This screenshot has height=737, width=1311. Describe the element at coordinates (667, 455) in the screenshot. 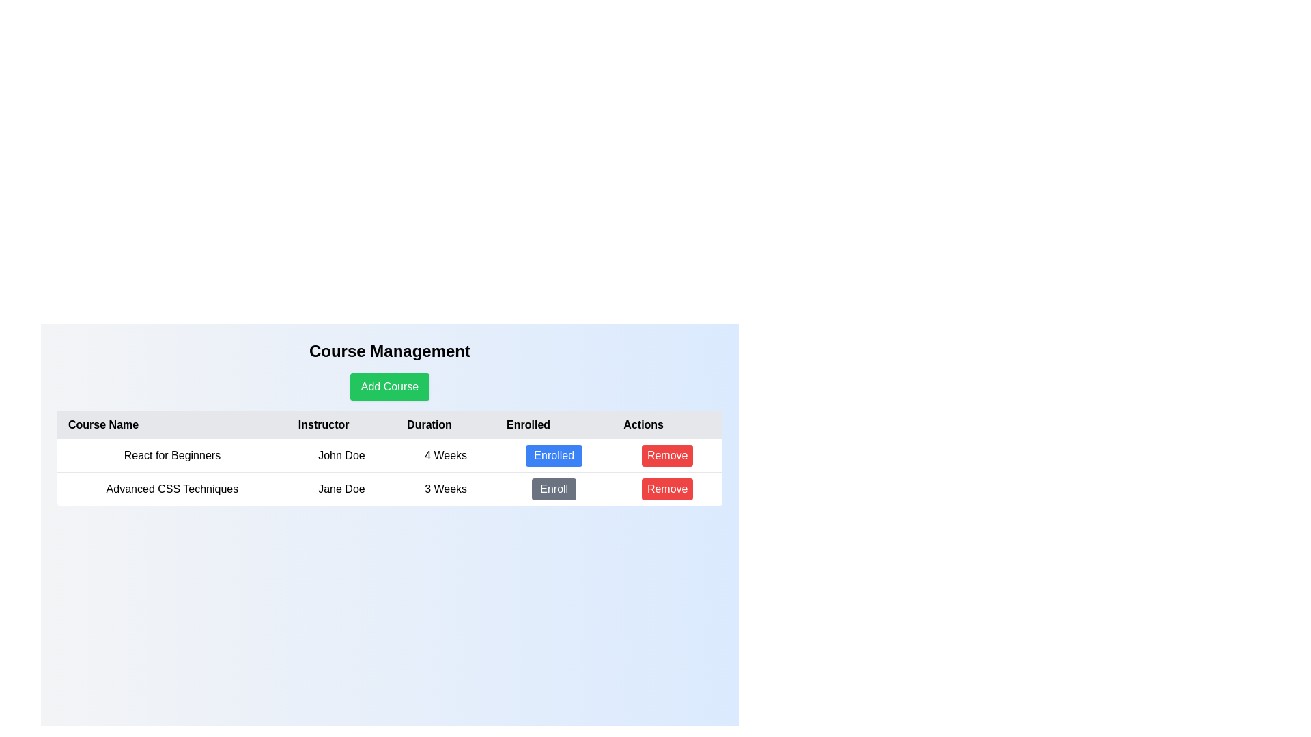

I see `the 'Remove' button located in the 'Actions' column of the second row in the table` at that location.